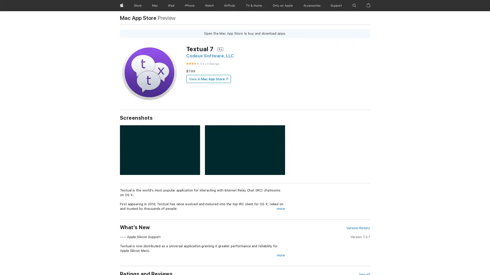  What do you see at coordinates (358, 228) in the screenshot?
I see `Version History` at bounding box center [358, 228].